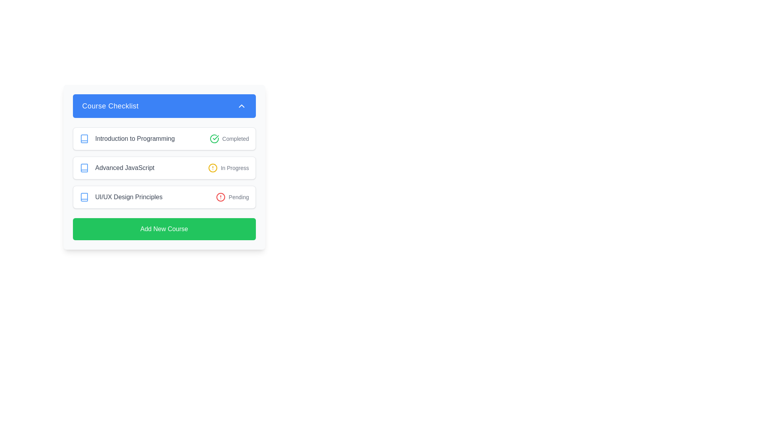  Describe the element at coordinates (84, 138) in the screenshot. I see `the book icon representing the course material for 'Introduction to Programming' located to the left of the course title in the 'Course Checklist' section` at that location.